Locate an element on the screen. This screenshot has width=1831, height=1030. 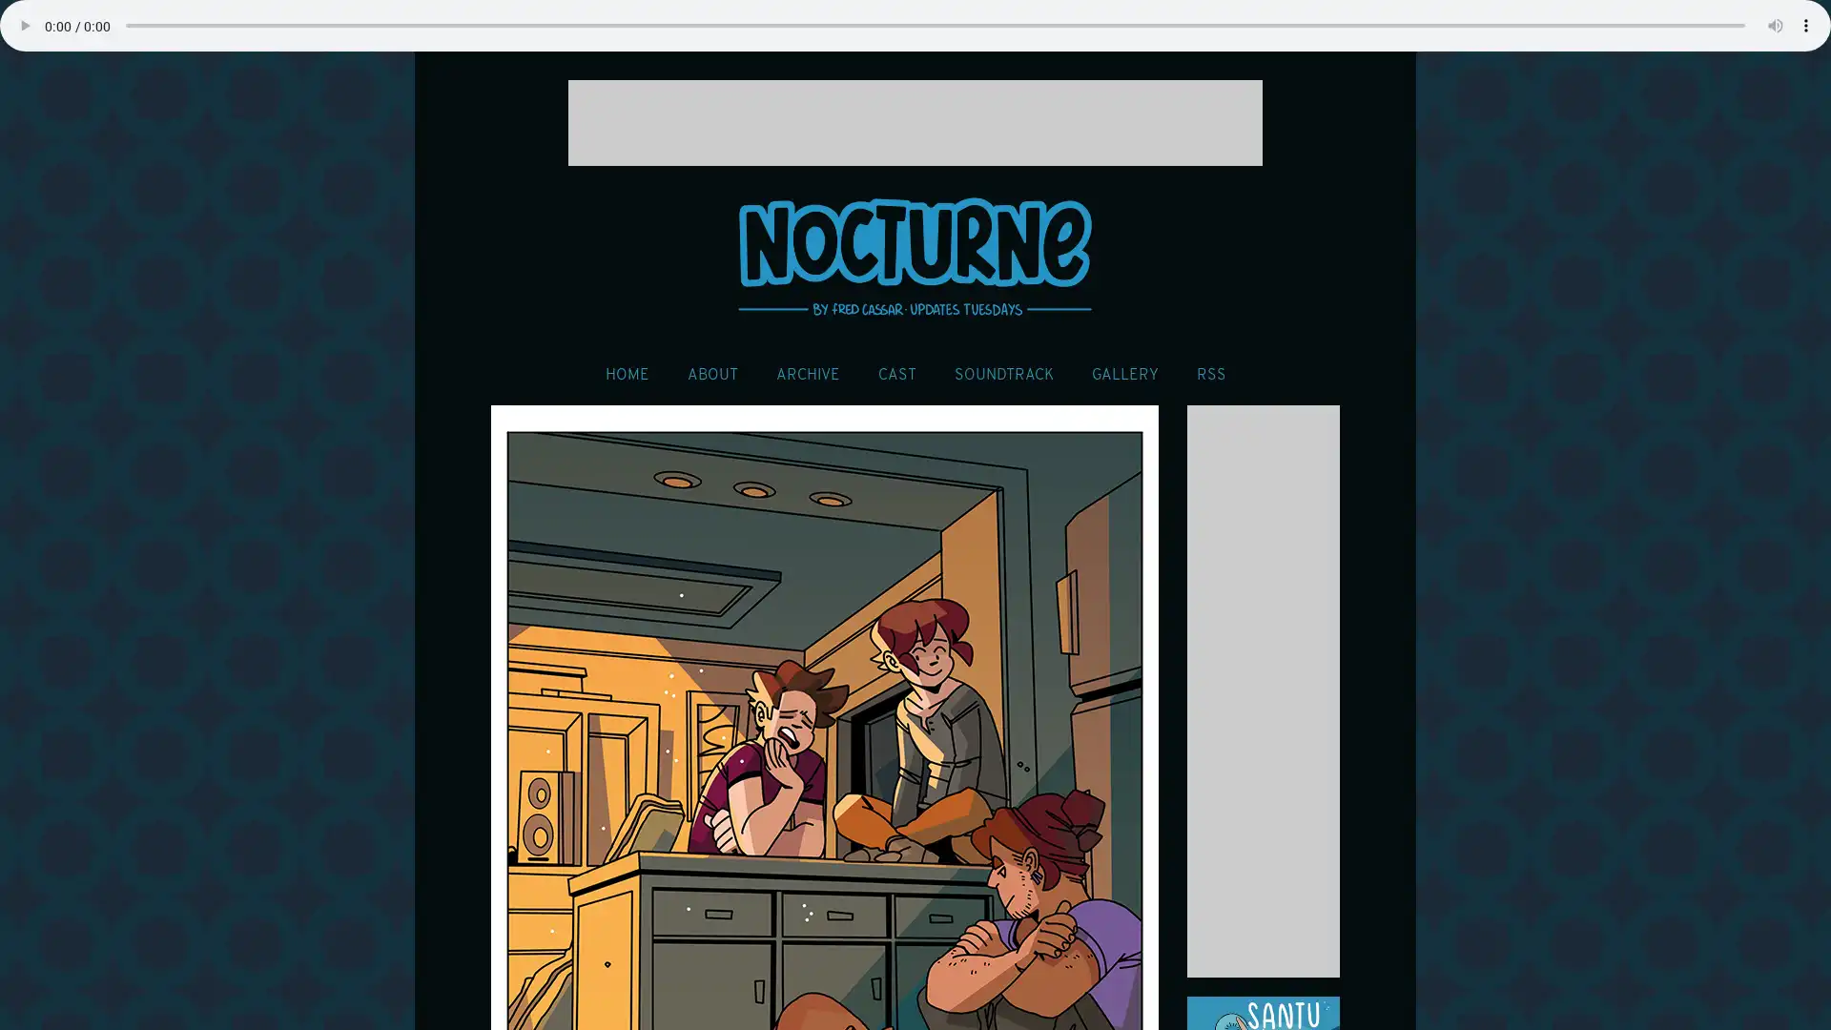
play is located at coordinates (24, 26).